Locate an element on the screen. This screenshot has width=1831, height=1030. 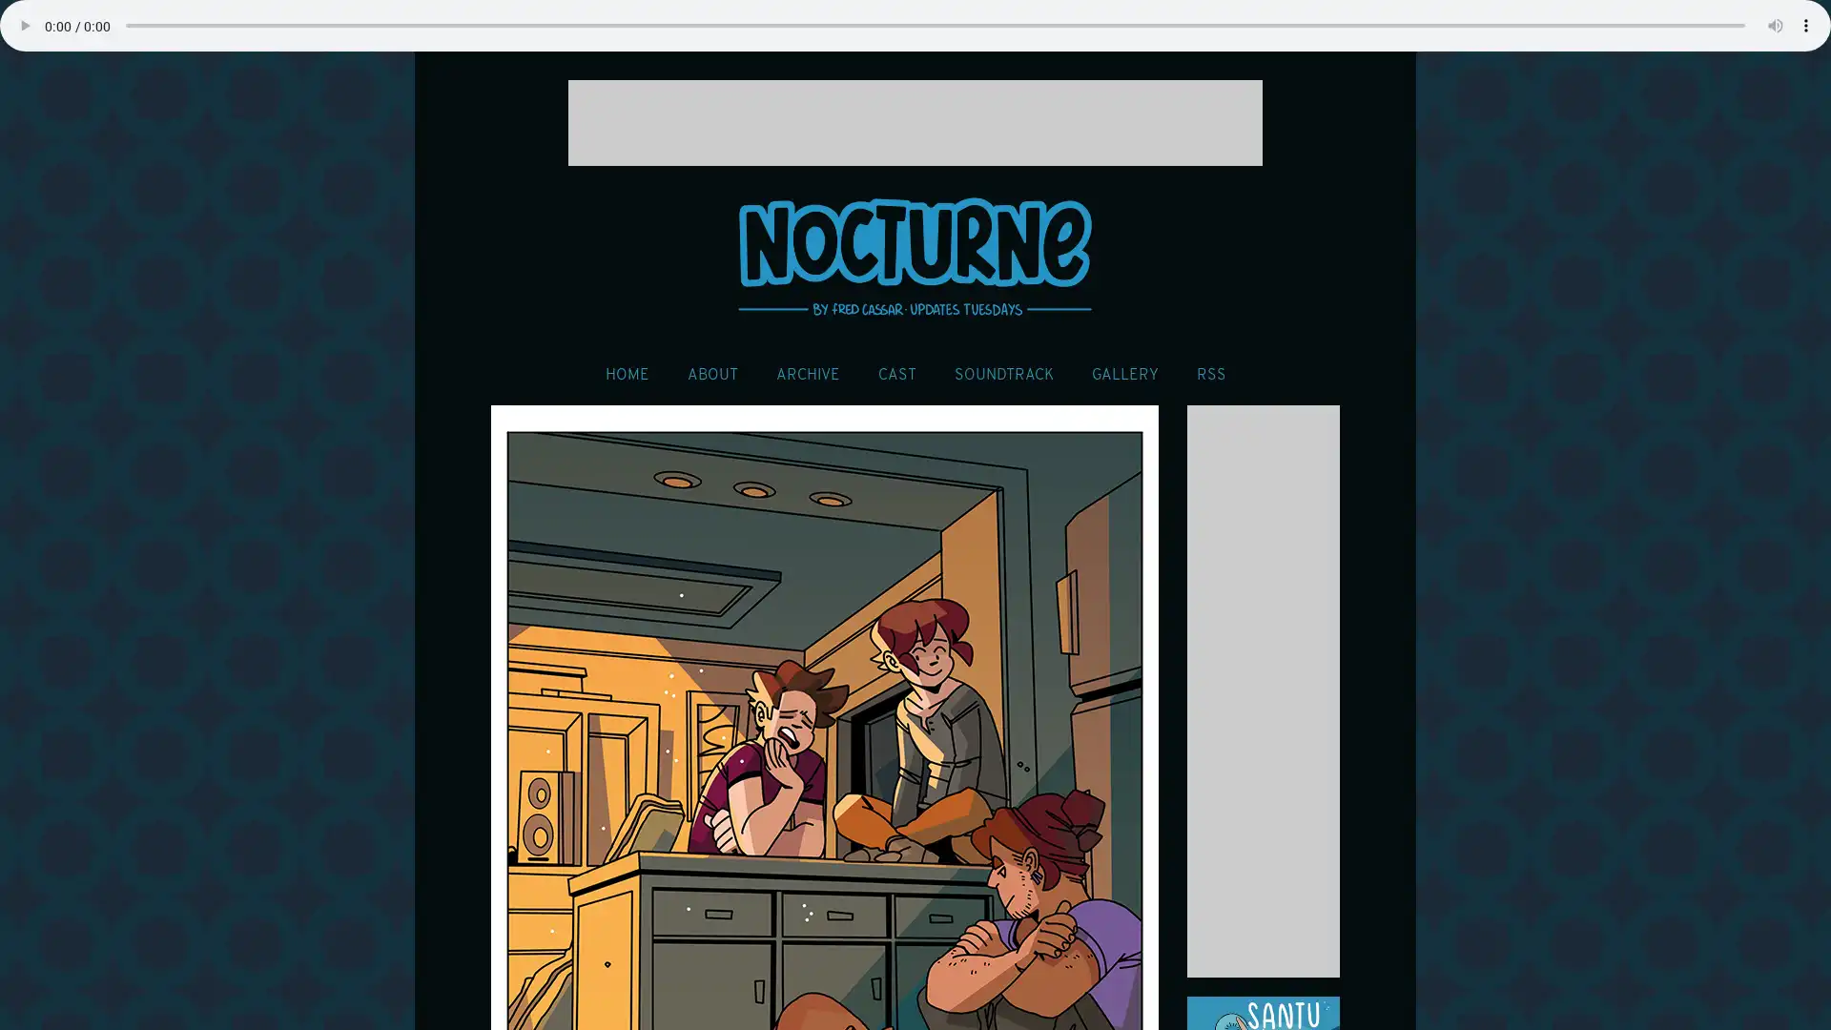
play is located at coordinates (24, 26).